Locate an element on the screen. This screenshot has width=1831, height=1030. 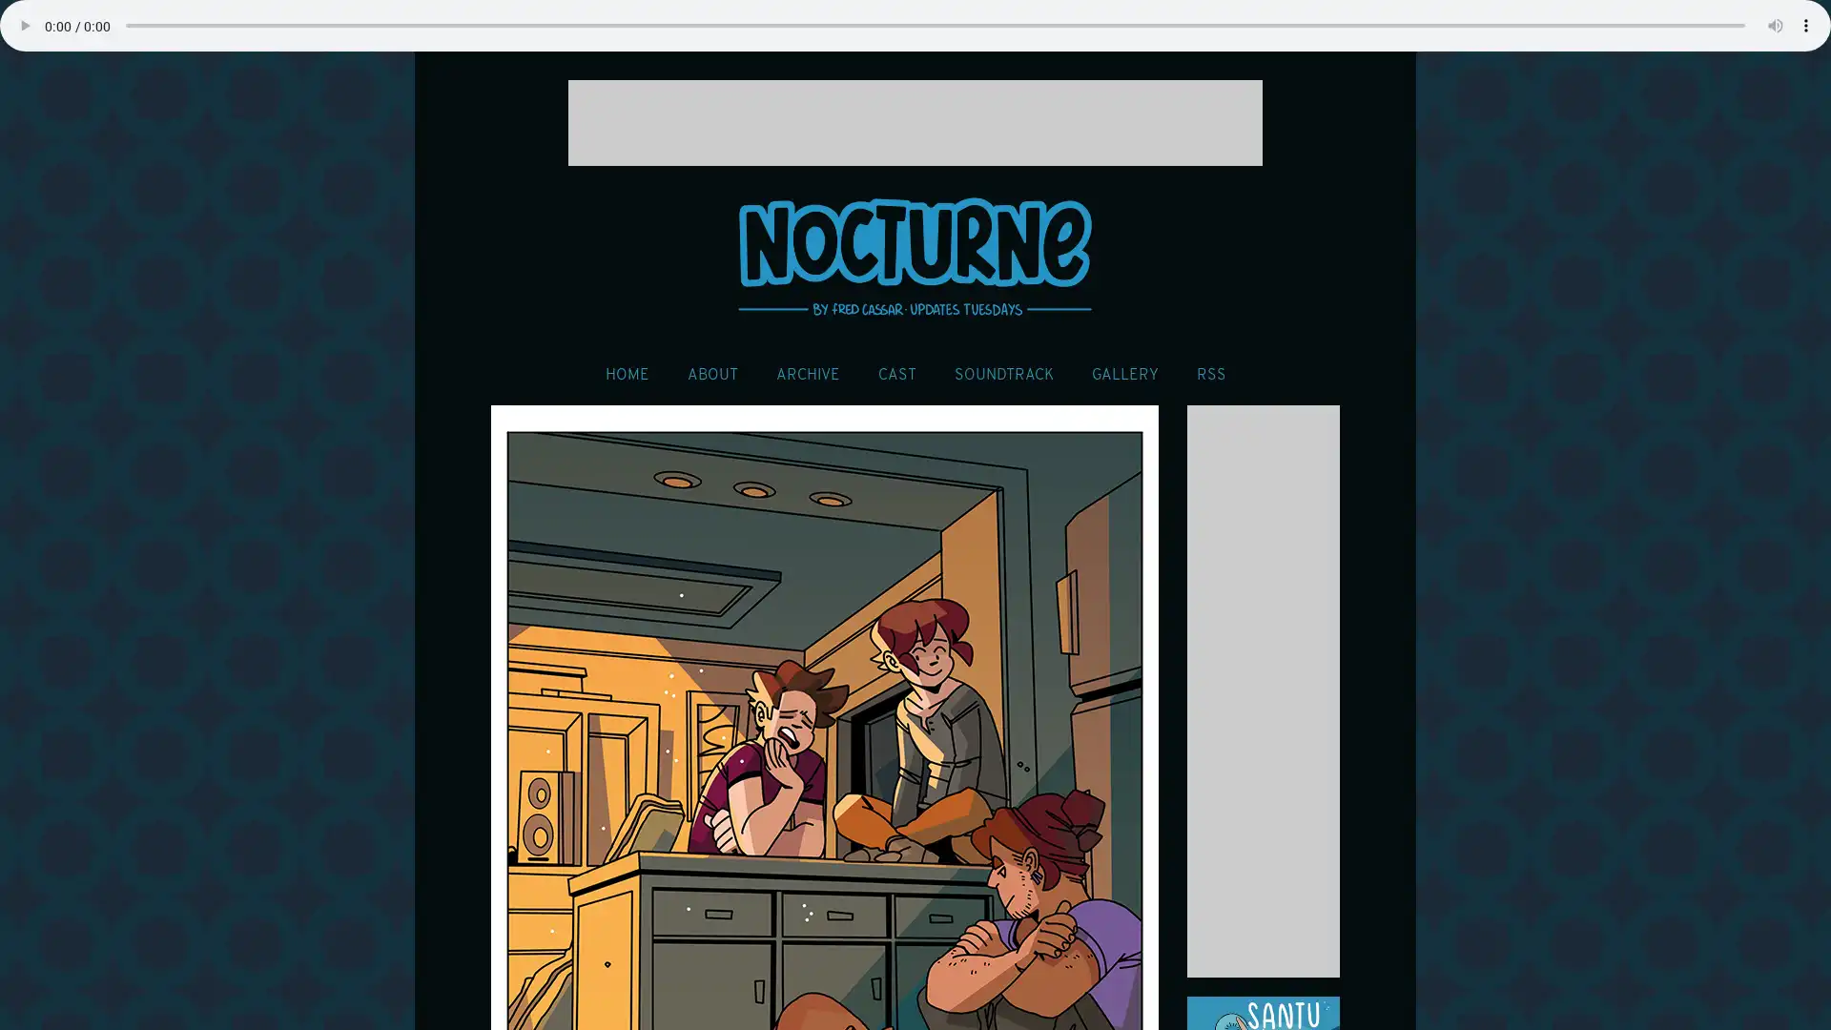
play is located at coordinates (24, 26).